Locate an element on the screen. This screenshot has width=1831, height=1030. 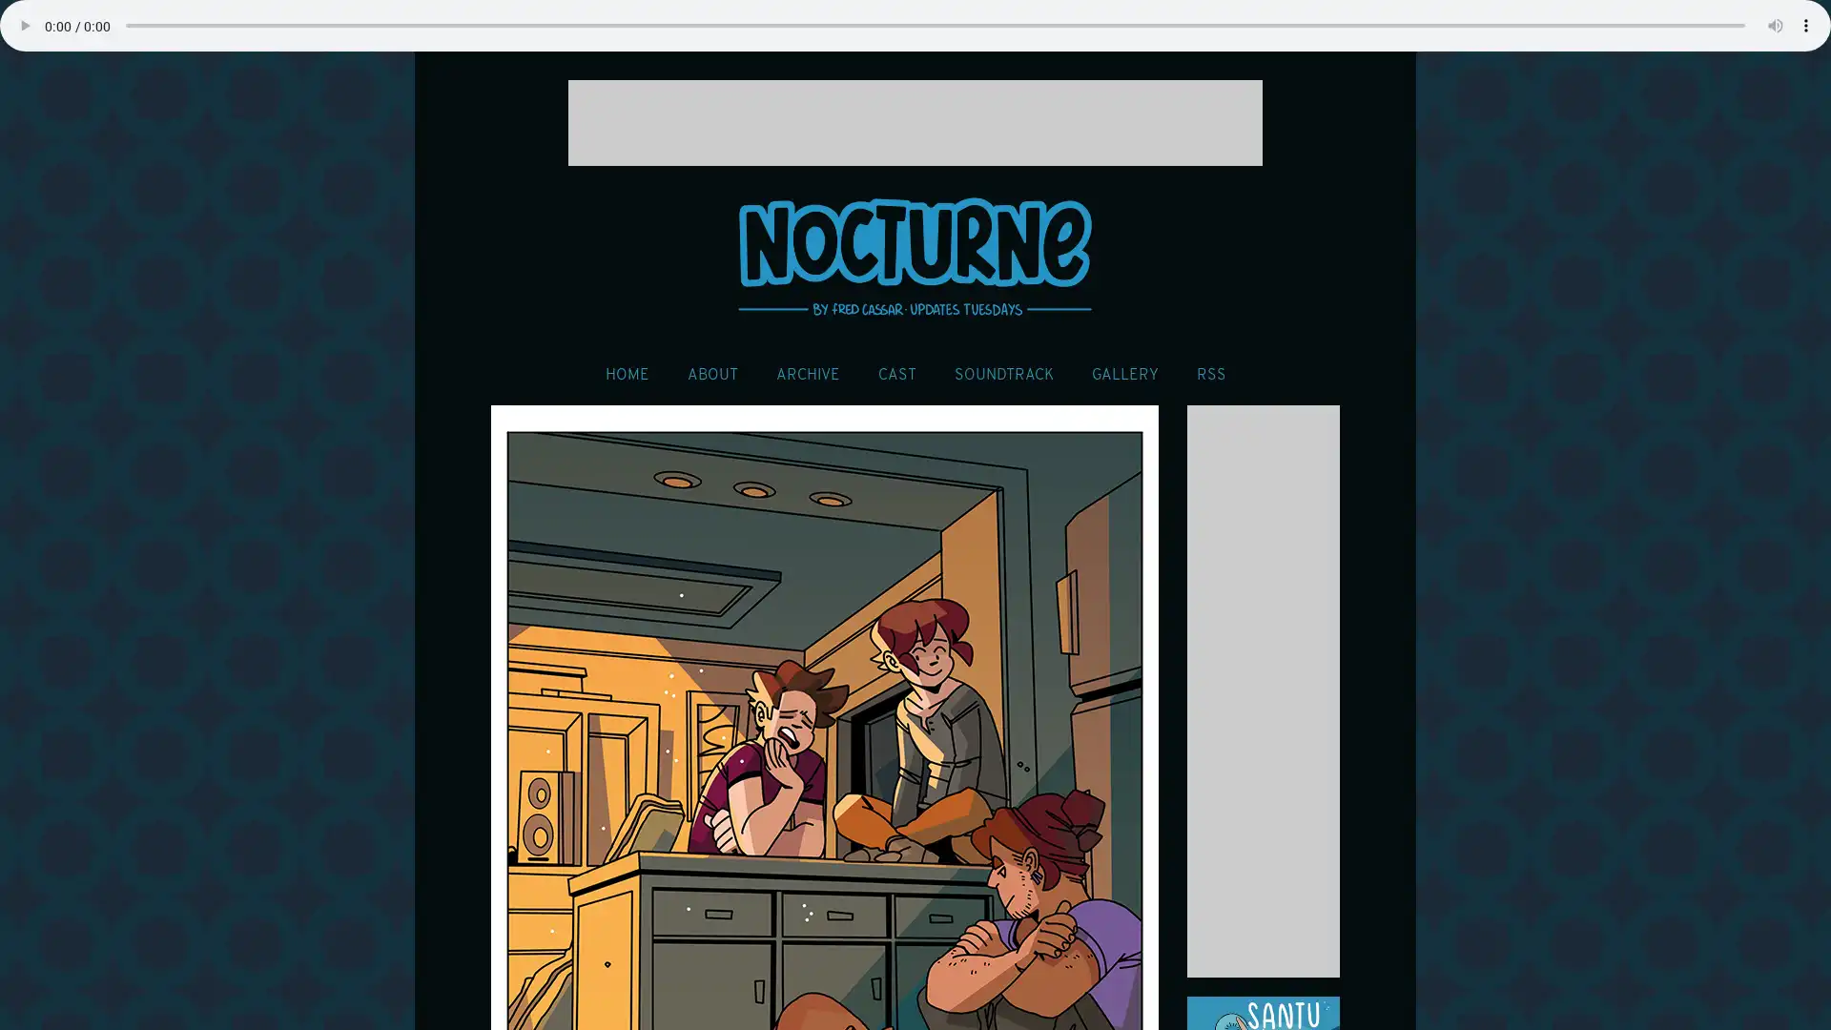
play is located at coordinates (24, 26).